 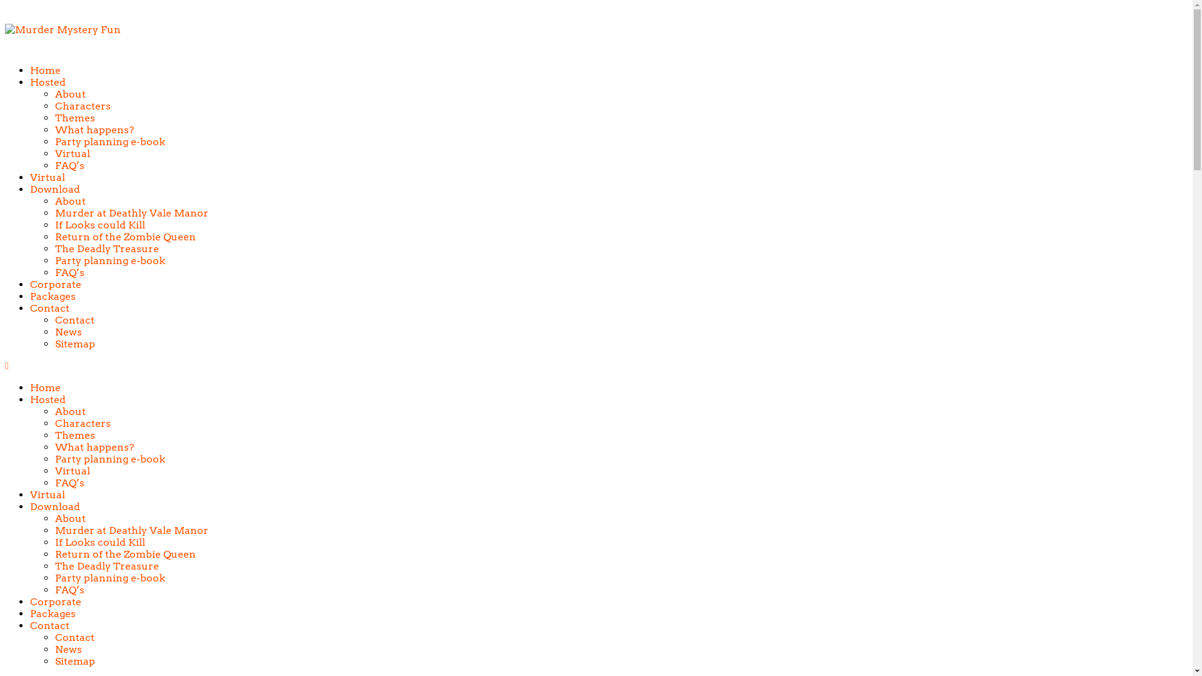 I want to click on 'Corporate', so click(x=55, y=601).